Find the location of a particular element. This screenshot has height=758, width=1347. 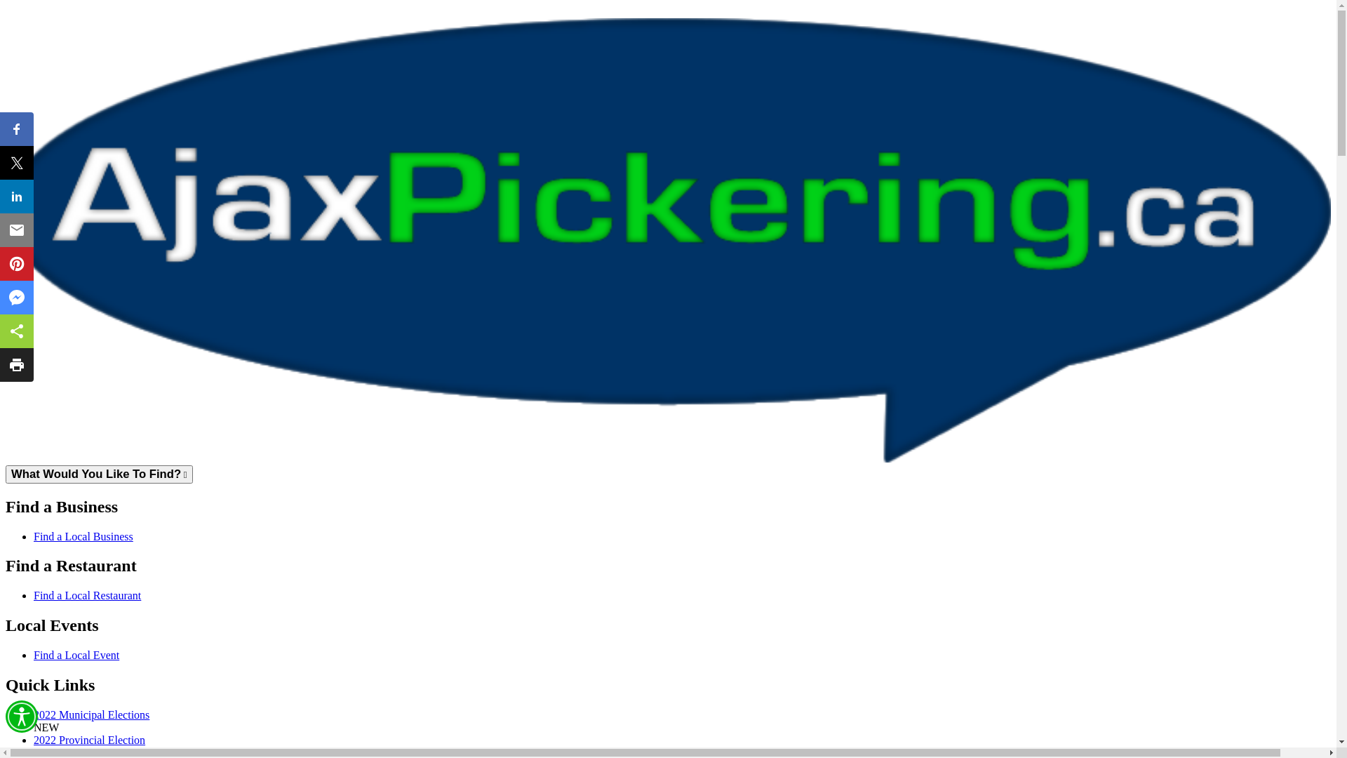

'Find a Local Restaurant' is located at coordinates (86, 595).